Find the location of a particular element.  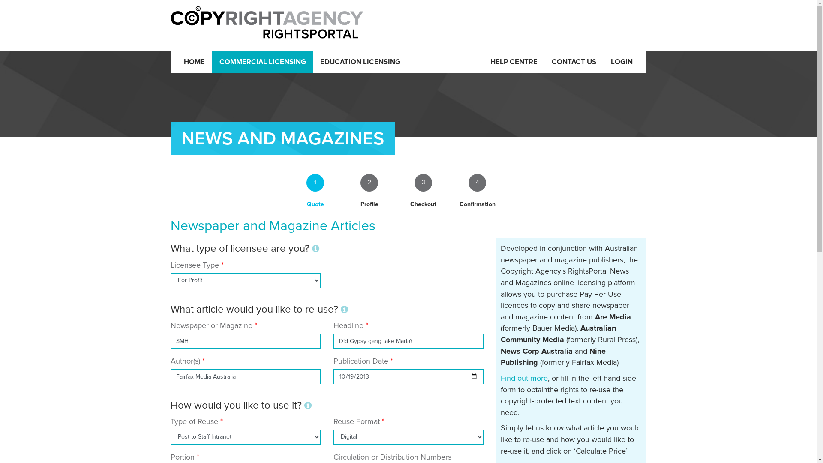

'HELP CENTRE' is located at coordinates (514, 62).